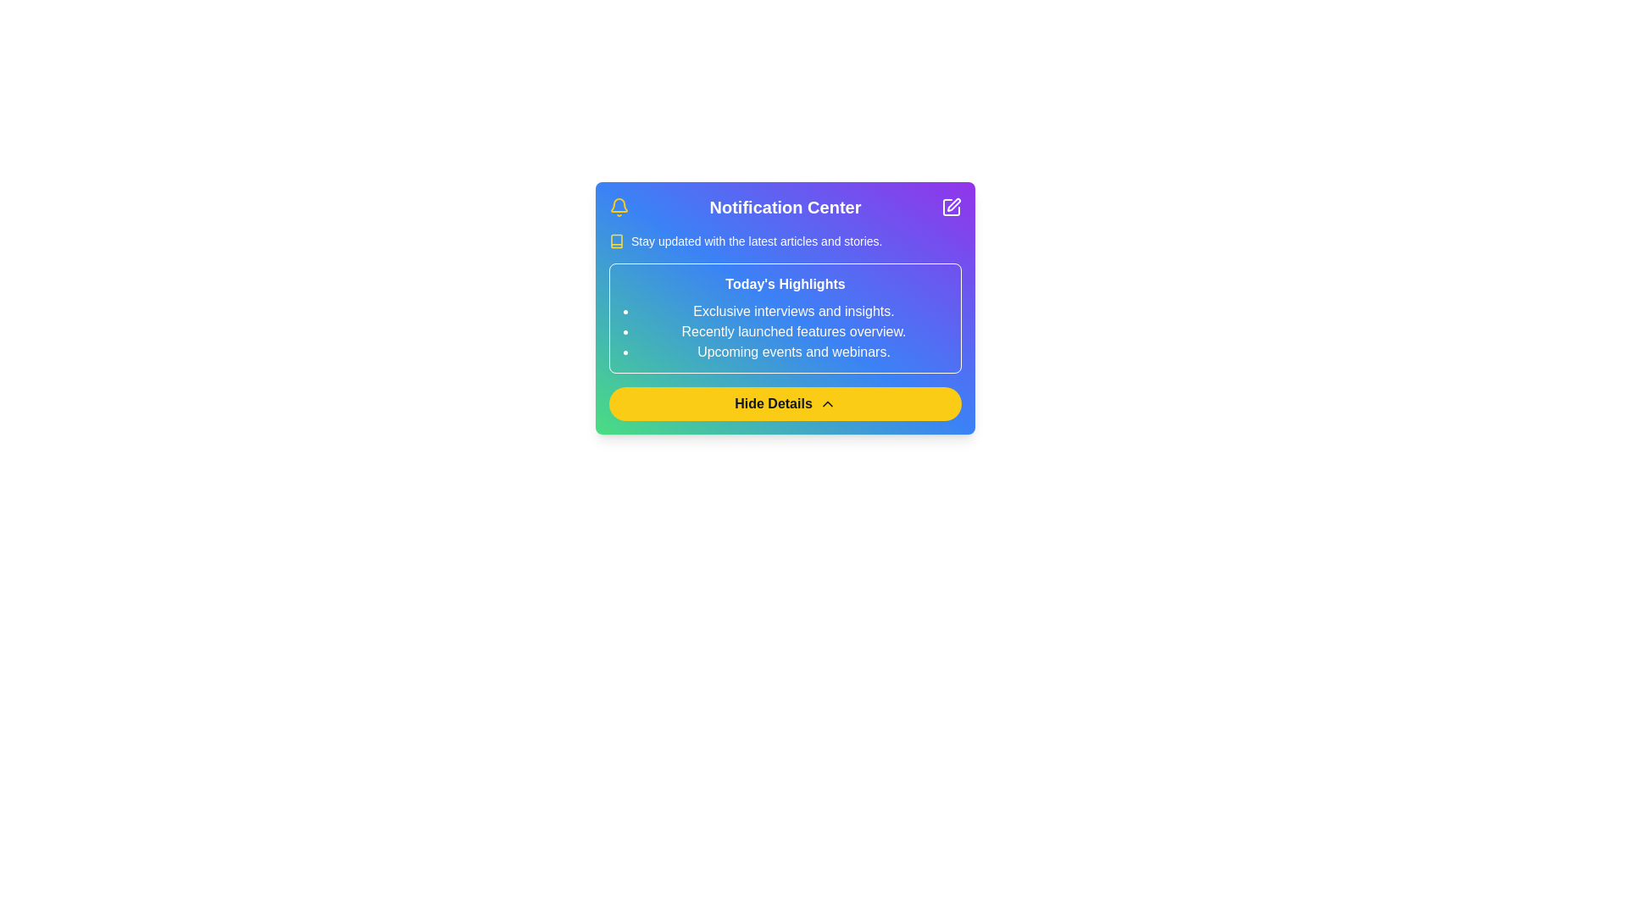  What do you see at coordinates (784, 404) in the screenshot?
I see `the yellow rectangular button labeled 'Hide Details' with a chevron icon to activate the hover effects` at bounding box center [784, 404].